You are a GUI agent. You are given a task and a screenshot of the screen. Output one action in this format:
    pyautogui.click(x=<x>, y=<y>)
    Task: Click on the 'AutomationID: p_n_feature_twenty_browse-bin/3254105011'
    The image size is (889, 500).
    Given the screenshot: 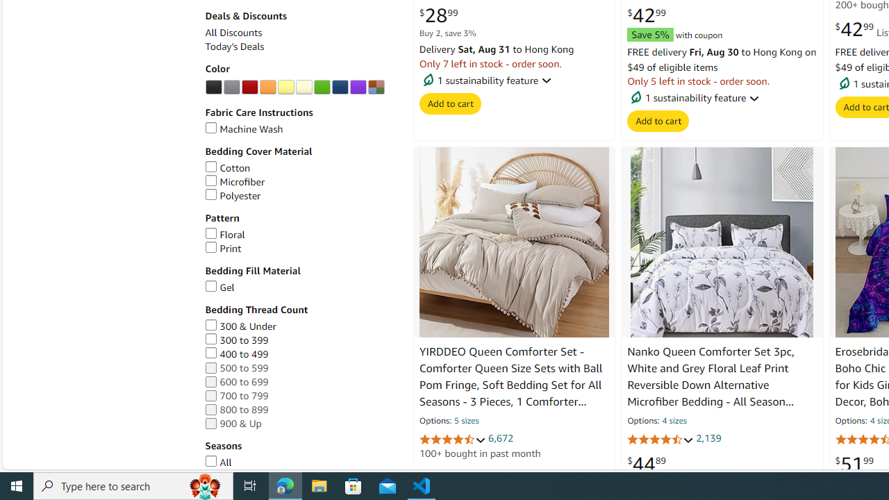 What is the action you would take?
    pyautogui.click(x=267, y=87)
    